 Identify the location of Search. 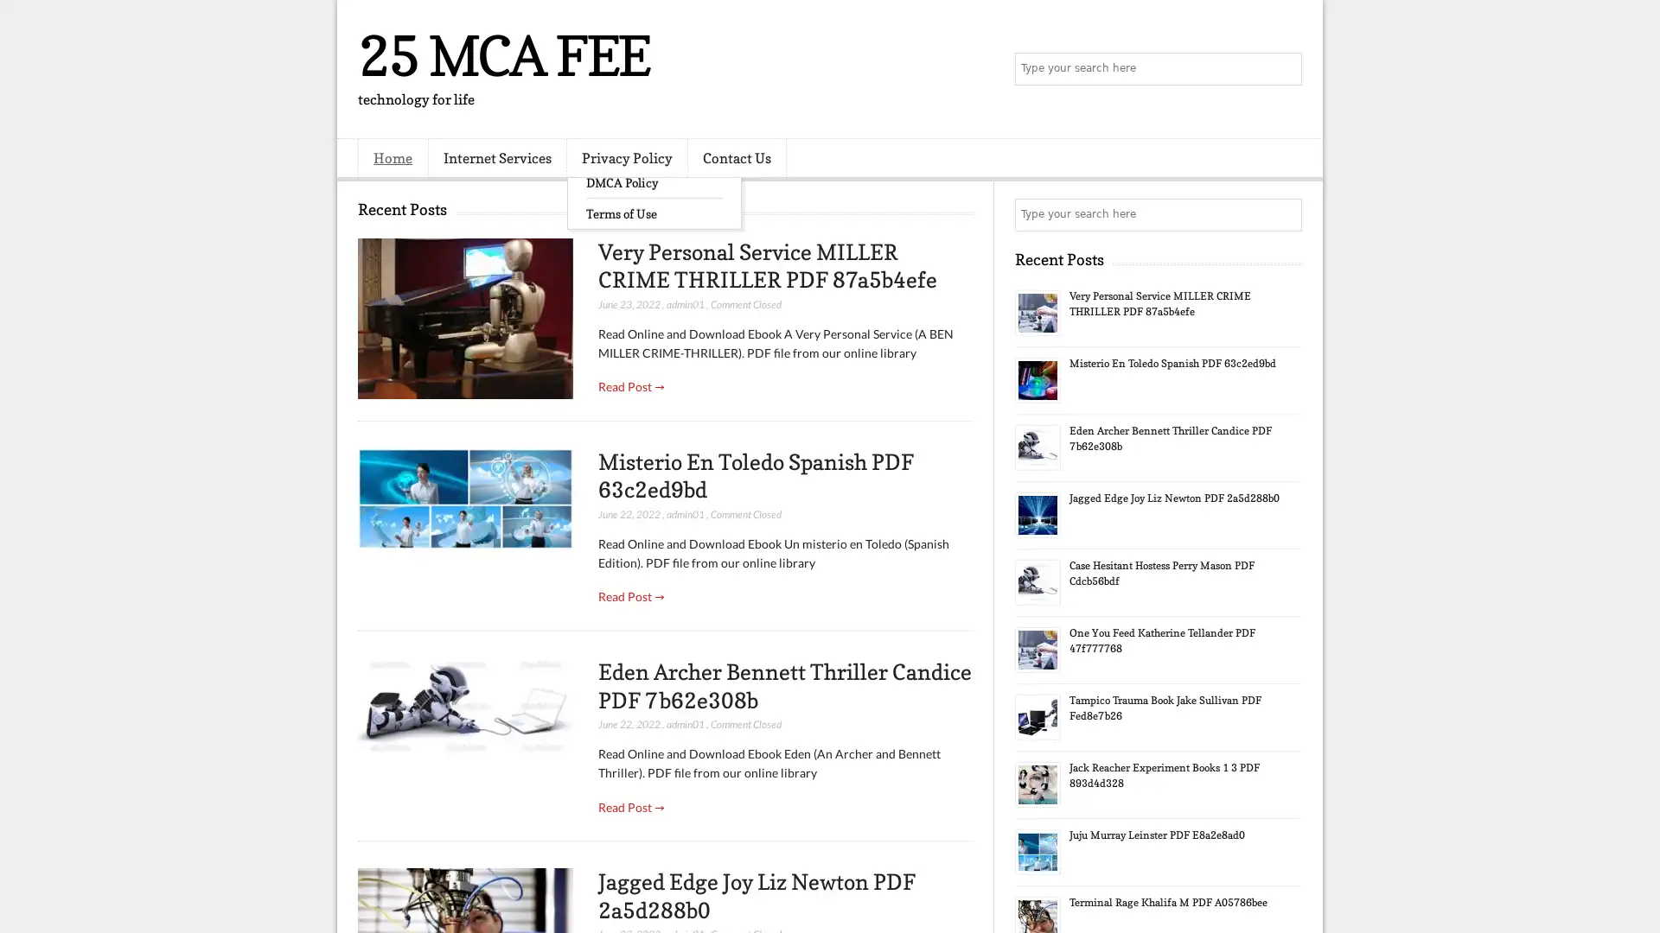
(1284, 69).